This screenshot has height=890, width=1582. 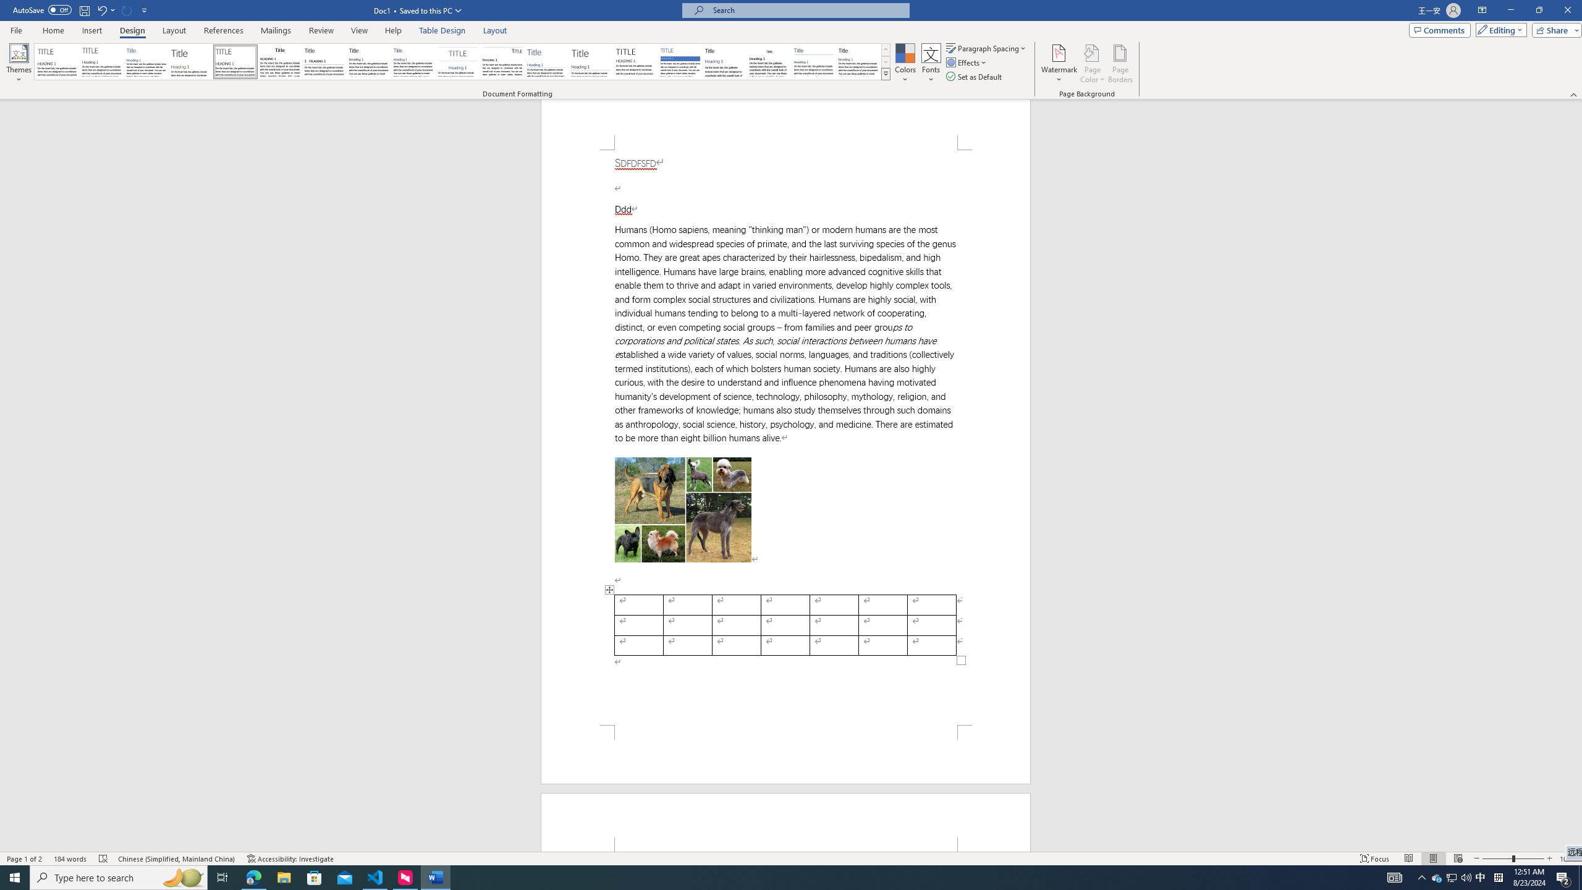 What do you see at coordinates (1120, 64) in the screenshot?
I see `'Page Borders...'` at bounding box center [1120, 64].